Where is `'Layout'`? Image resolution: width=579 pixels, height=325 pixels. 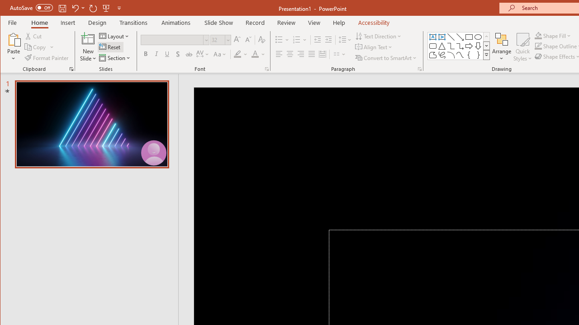
'Layout' is located at coordinates (114, 36).